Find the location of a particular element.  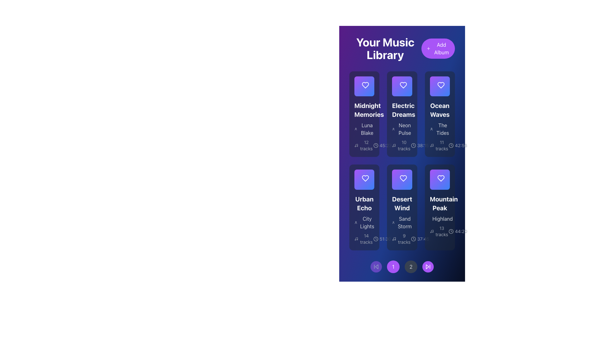

the music-related icon consisting of a musical note and circular shapes, which is adjacent to the '11 tracks' text in the 'Ocean Waves' grid card within 'Your Music Library' is located at coordinates (431, 146).